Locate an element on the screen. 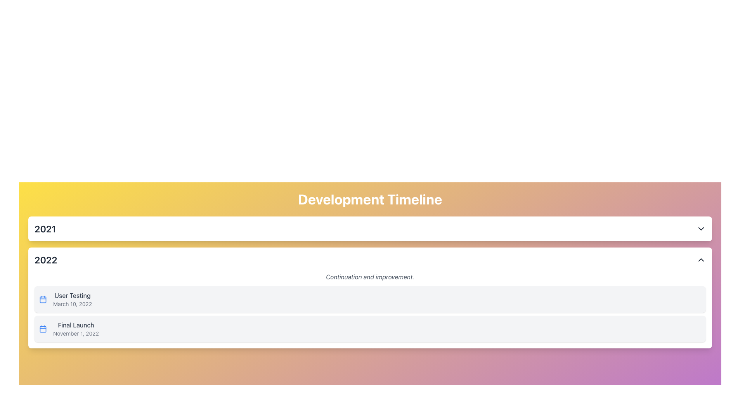 This screenshot has height=419, width=745. the static text indicating the year 2022 in the timeline interface is located at coordinates (45, 260).